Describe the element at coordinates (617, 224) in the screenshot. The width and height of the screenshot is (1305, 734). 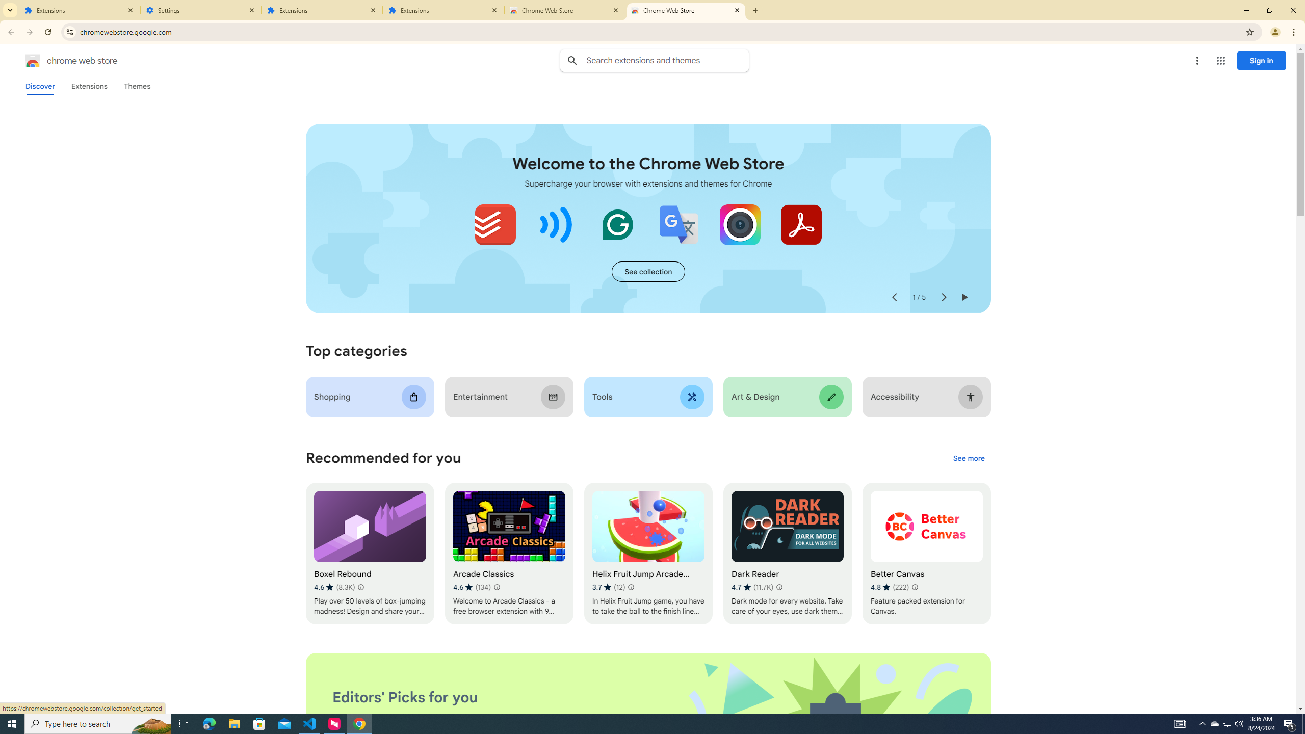
I see `'Grammarly: AI Writing and Grammar Checker App'` at that location.